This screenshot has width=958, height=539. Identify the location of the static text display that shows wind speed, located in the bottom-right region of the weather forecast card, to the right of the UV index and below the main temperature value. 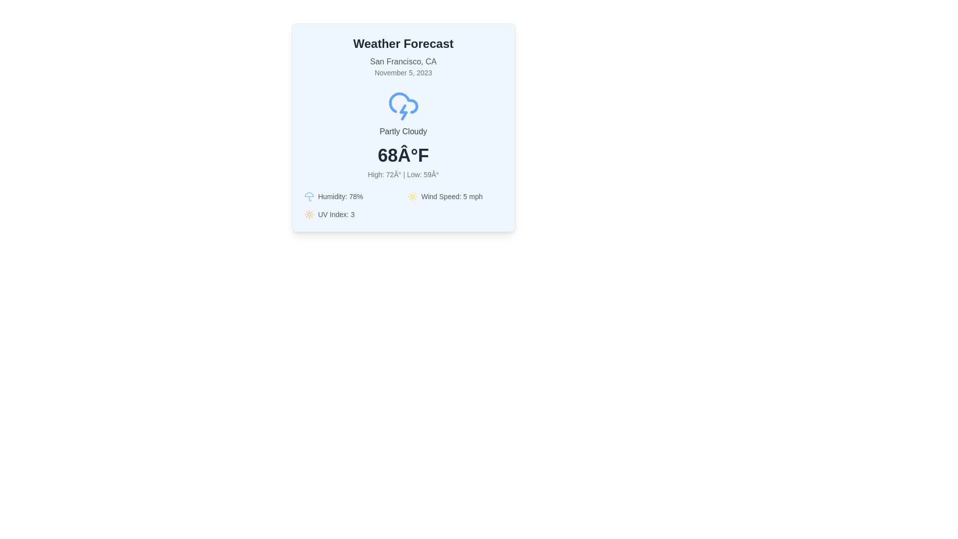
(452, 196).